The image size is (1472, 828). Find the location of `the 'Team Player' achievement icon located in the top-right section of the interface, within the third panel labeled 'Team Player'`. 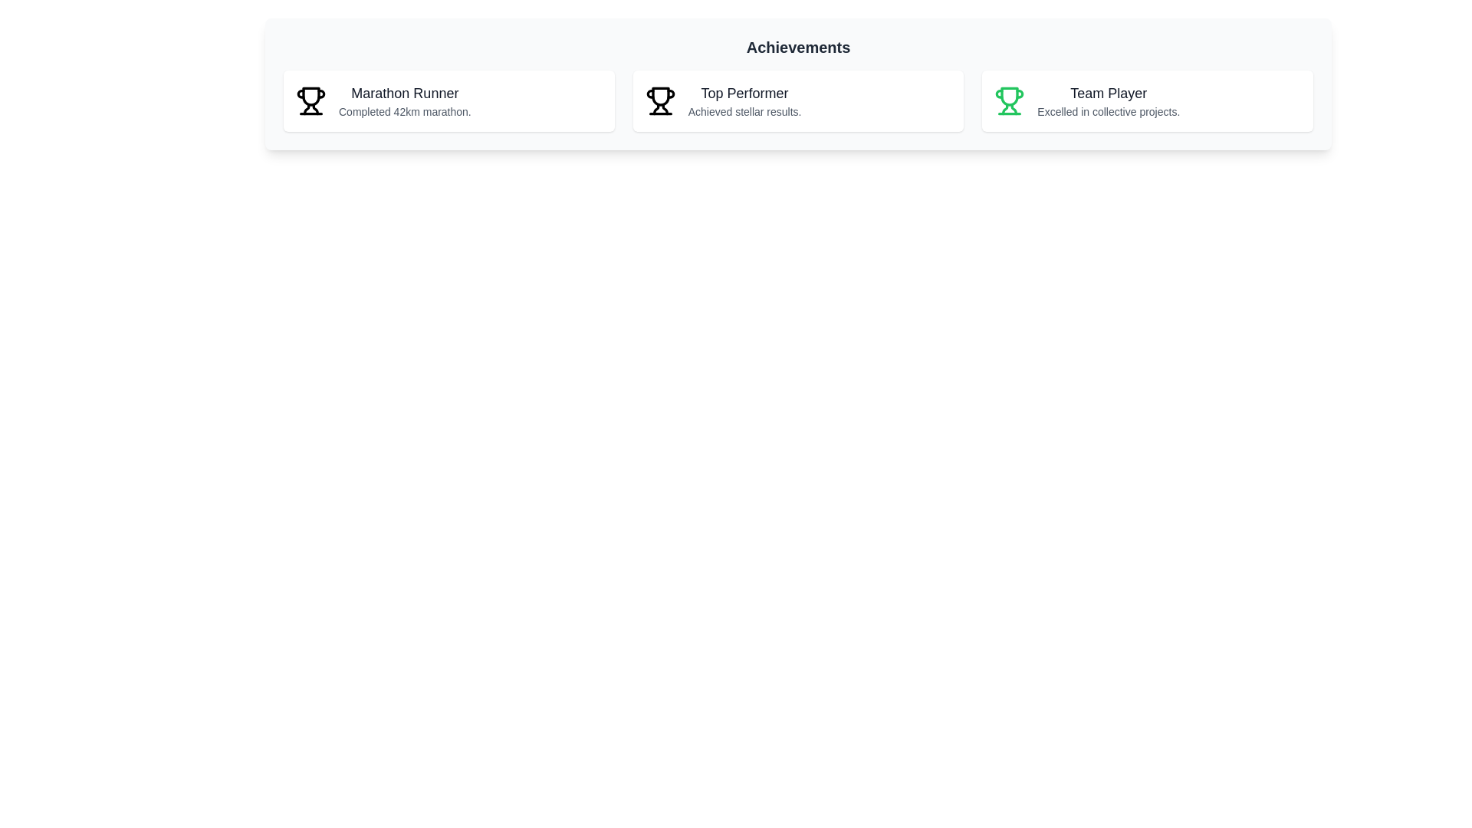

the 'Team Player' achievement icon located in the top-right section of the interface, within the third panel labeled 'Team Player' is located at coordinates (1010, 100).